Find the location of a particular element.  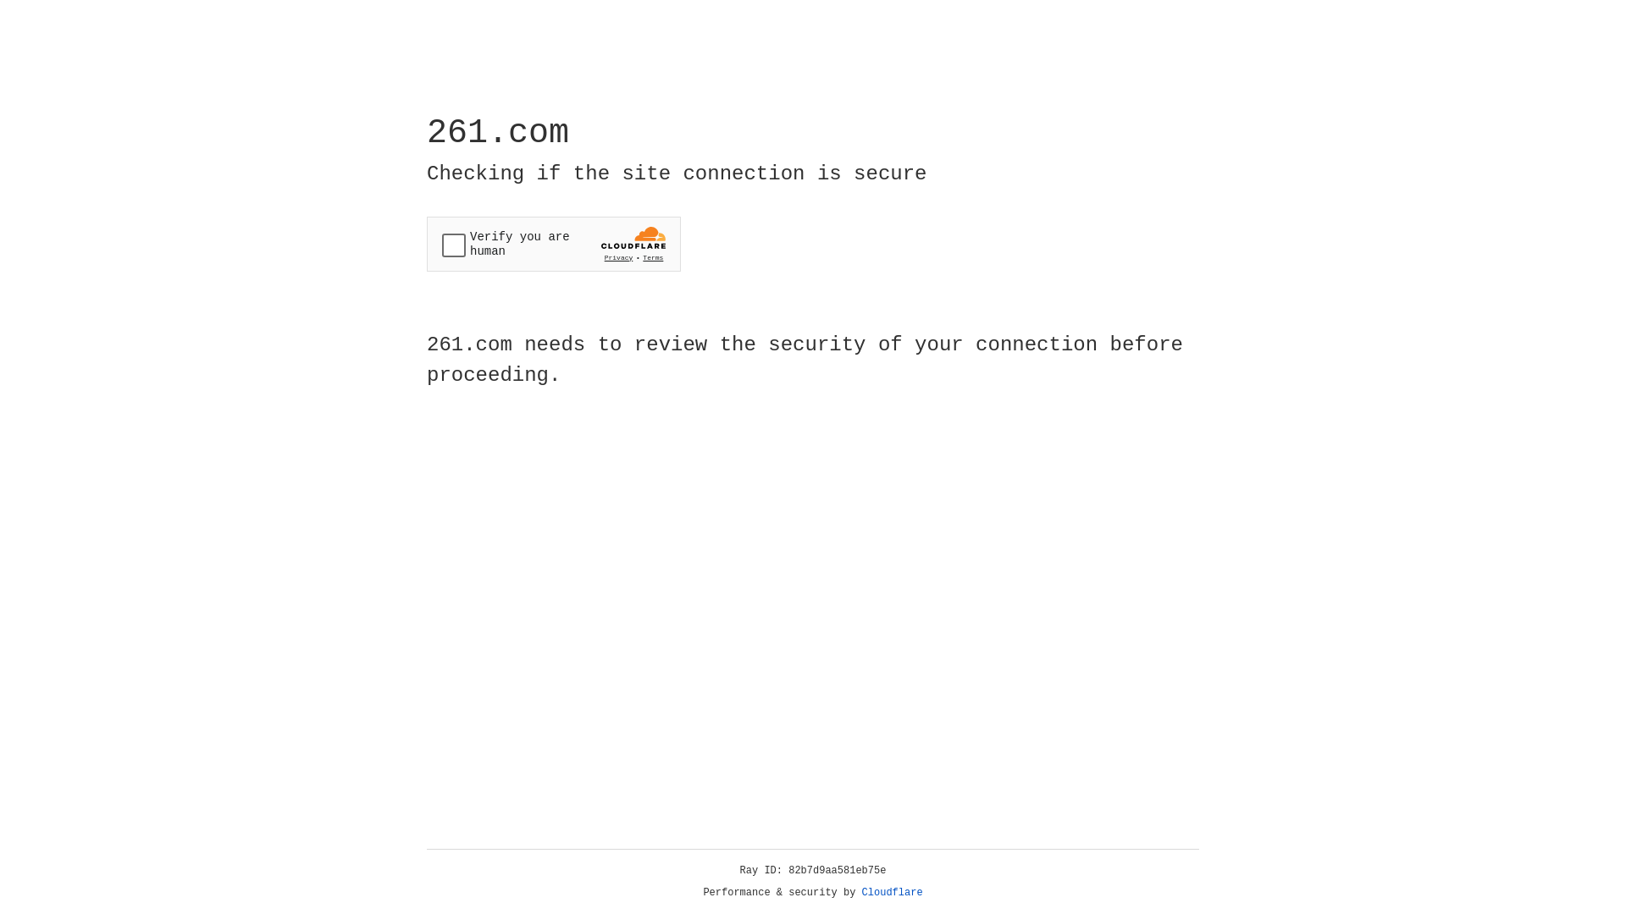

'Cloudflare' is located at coordinates (861, 892).